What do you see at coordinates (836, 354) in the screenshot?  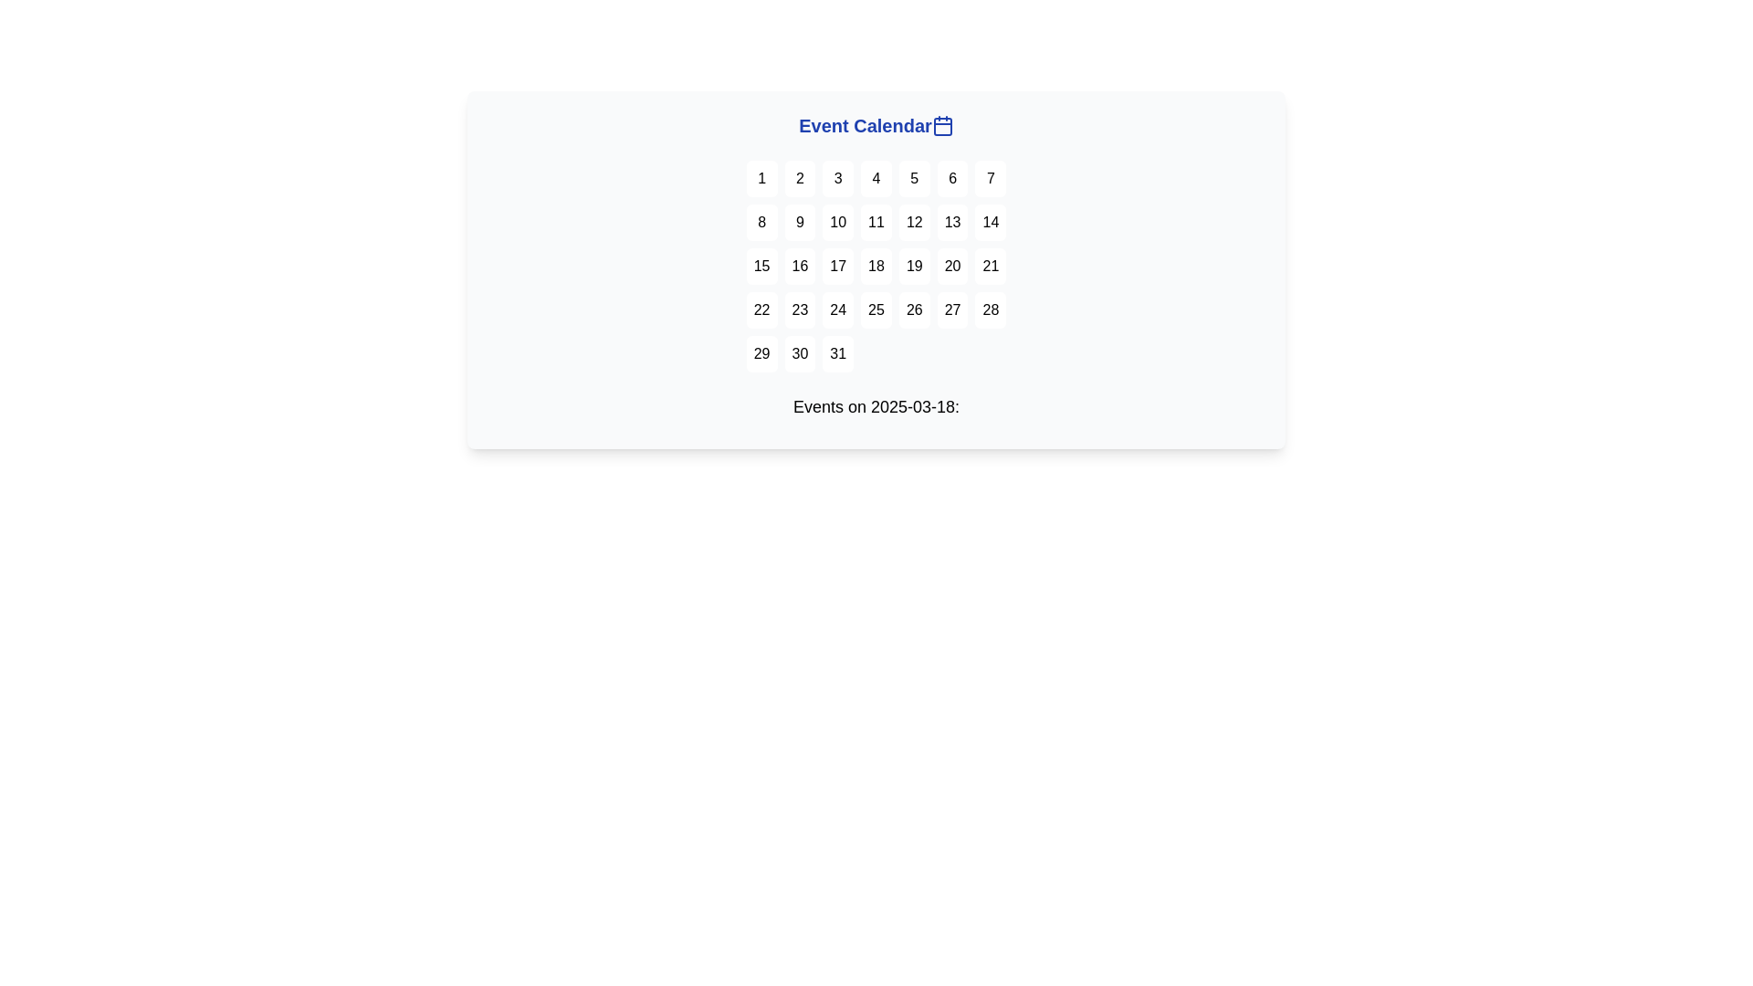 I see `the rectangular button with a rounded border and black text '31' located in the seventh column of the fifth row in the calendar grid` at bounding box center [836, 354].